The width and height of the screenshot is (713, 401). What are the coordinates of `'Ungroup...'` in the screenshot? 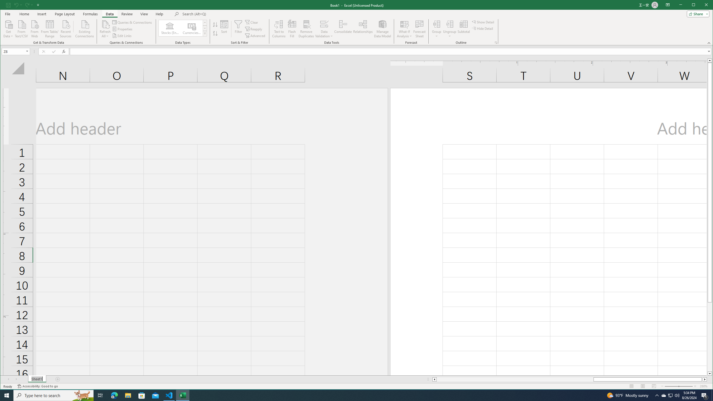 It's located at (450, 29).